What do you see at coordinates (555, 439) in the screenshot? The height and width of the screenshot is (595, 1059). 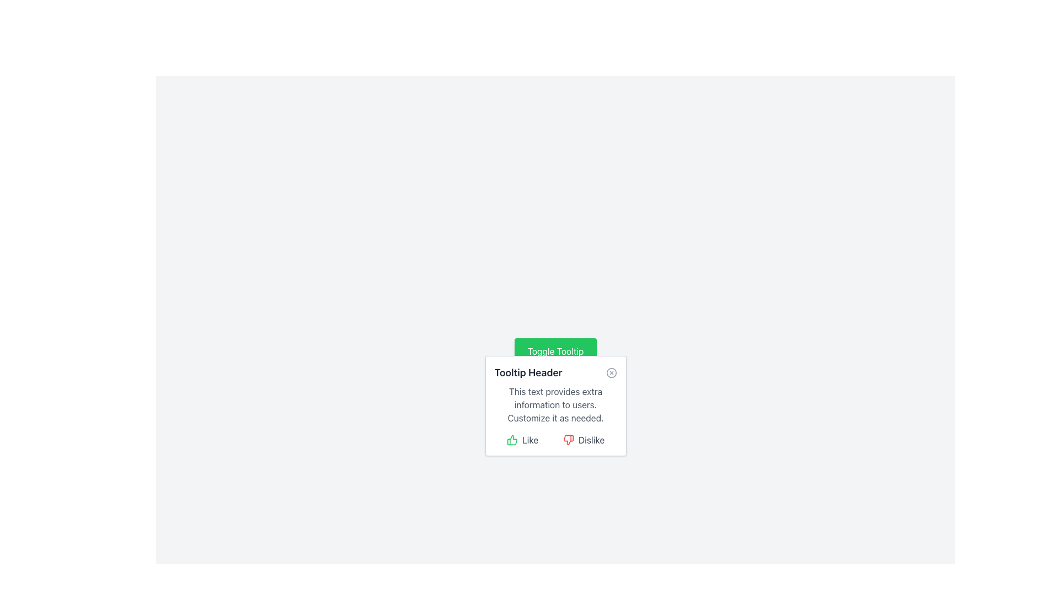 I see `the 'Dislike' icon labeled with a red thumbs-down within the Component Group located at the bottom section of the tooltip interface` at bounding box center [555, 439].